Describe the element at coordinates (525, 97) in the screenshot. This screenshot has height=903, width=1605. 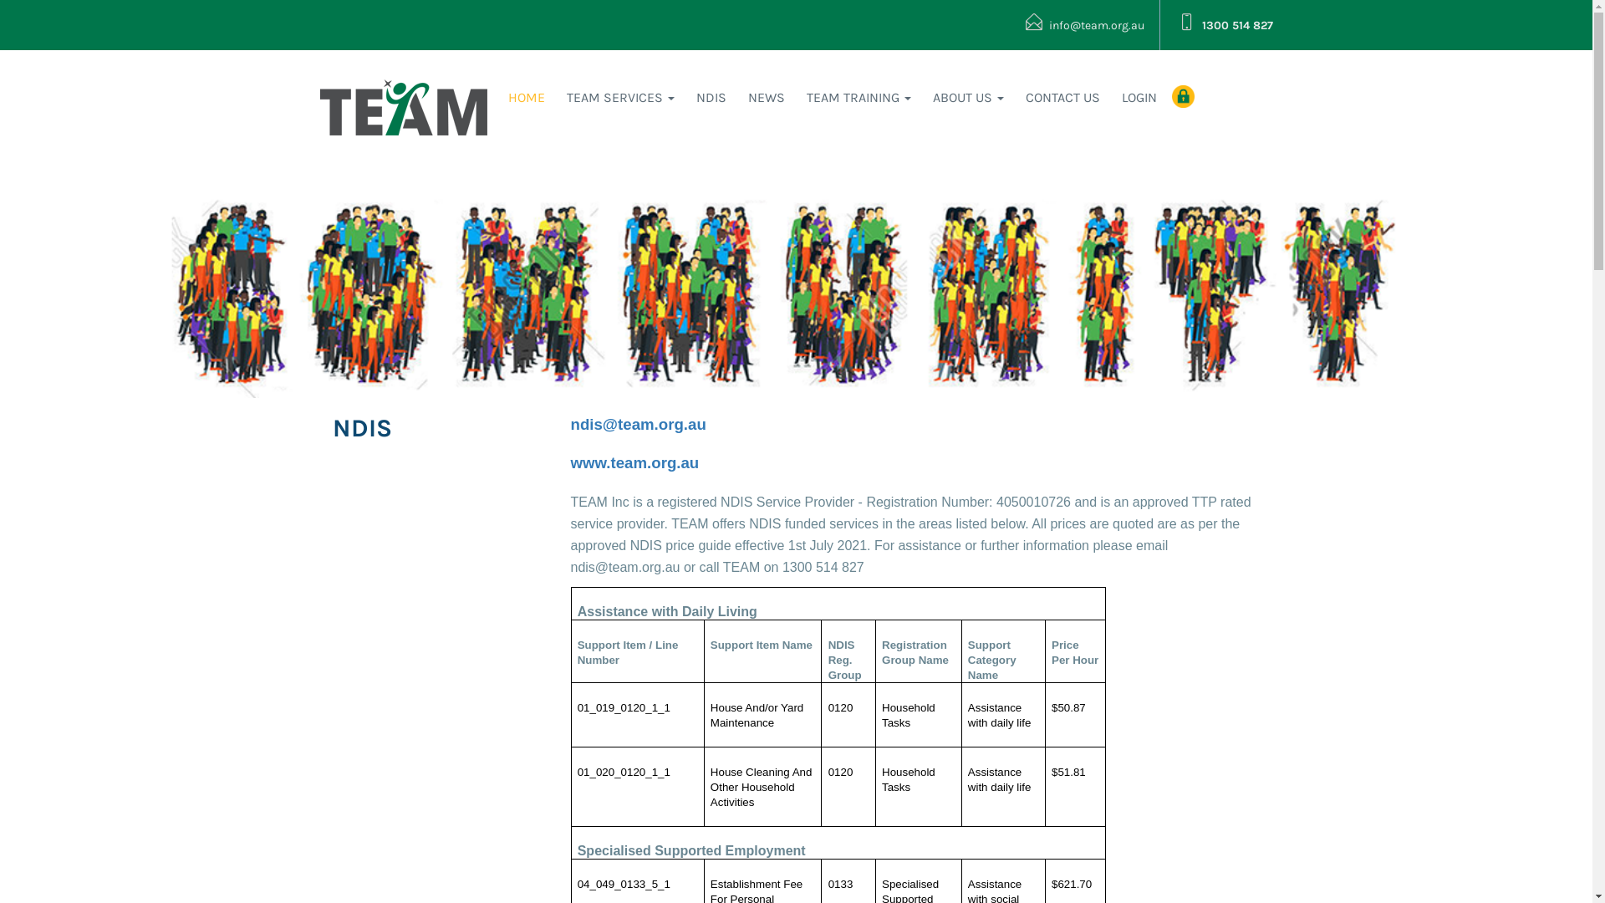
I see `'HOME'` at that location.